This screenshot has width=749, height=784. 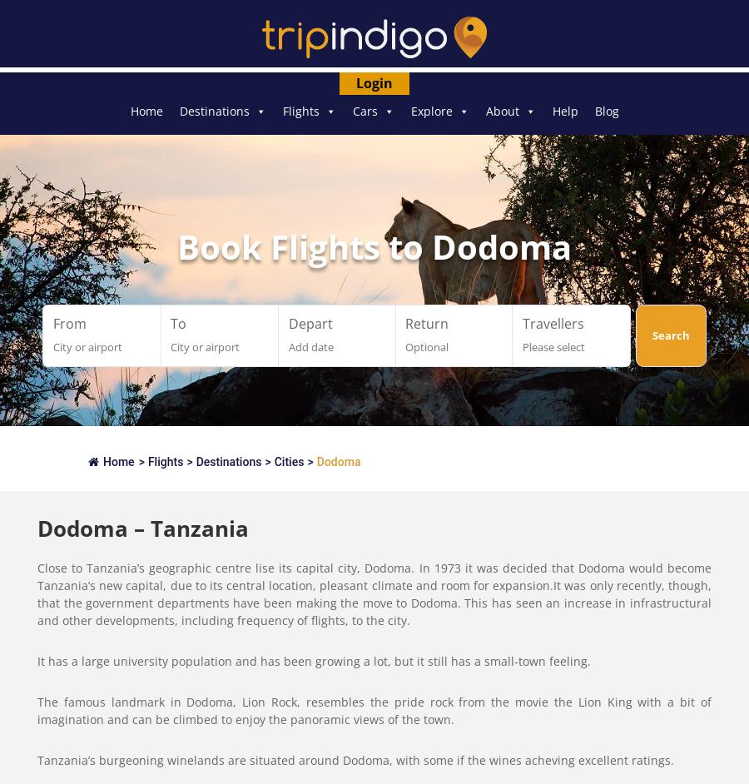 I want to click on 'Travel Documentation And Visas', so click(x=477, y=259).